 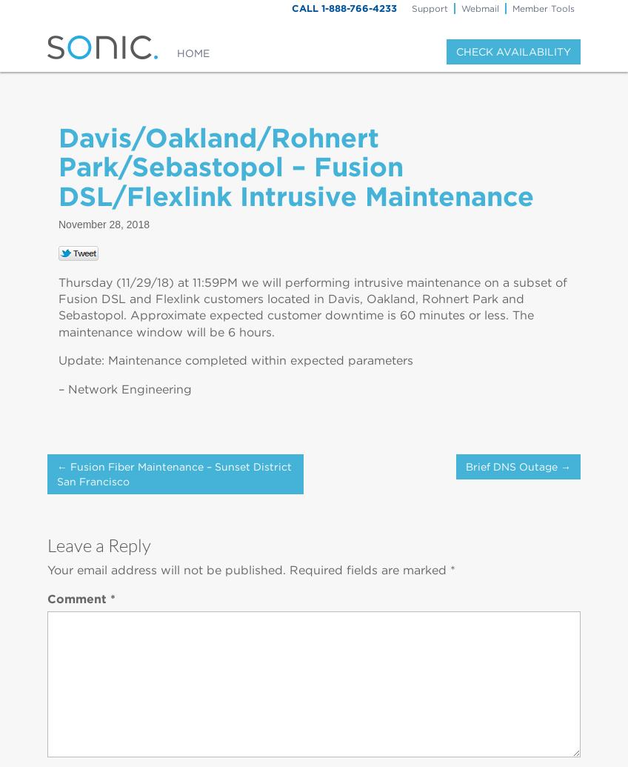 What do you see at coordinates (313, 307) in the screenshot?
I see `'Thursday (11/29/18) at 11:59PM we will performing intrusive maintenance on a subset of Fusion DSL and Flexlink customers located in Davis, Oakland, Rohnert Park and Sebastopol. Approximate expected customer downtime is 60 minutes or less. The maintenance window will be 6 hours.'` at bounding box center [313, 307].